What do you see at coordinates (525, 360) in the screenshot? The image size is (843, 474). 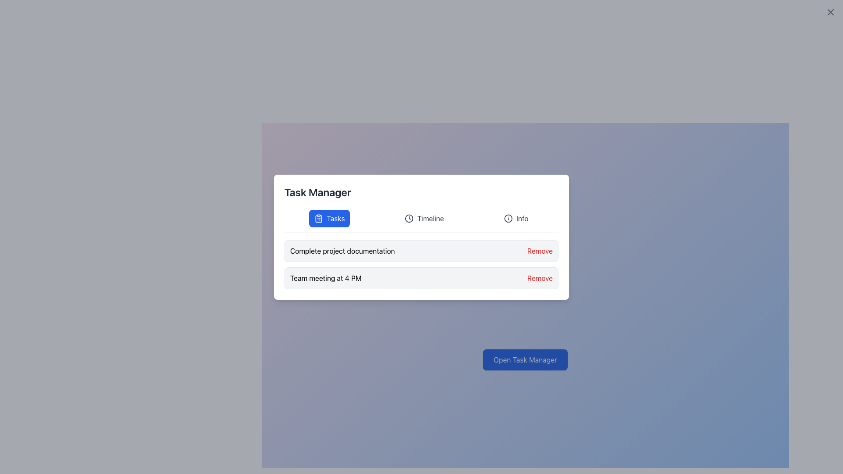 I see `the 'Open Task Manager' button` at bounding box center [525, 360].